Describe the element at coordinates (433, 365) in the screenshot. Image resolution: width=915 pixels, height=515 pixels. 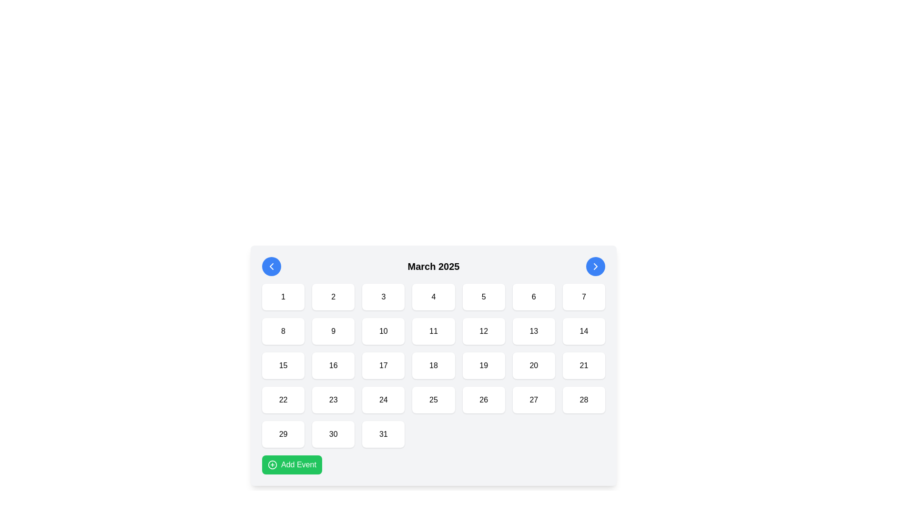
I see `the button representing the 18th day of the month in the calendar interface` at that location.